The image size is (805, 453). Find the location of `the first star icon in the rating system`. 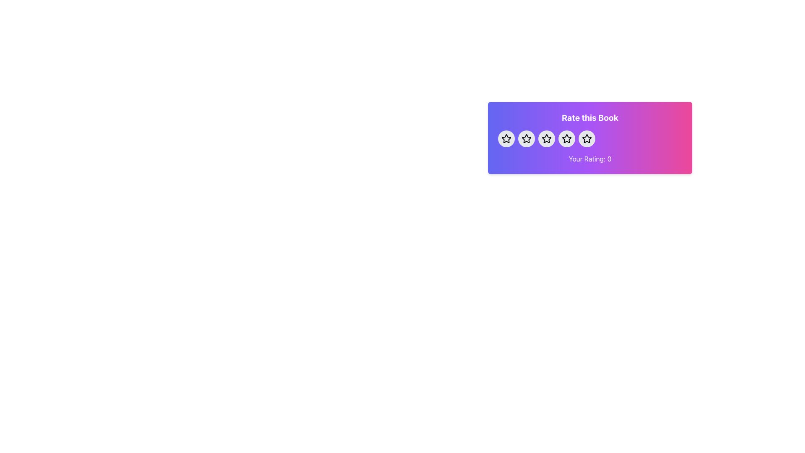

the first star icon in the rating system is located at coordinates (506, 138).